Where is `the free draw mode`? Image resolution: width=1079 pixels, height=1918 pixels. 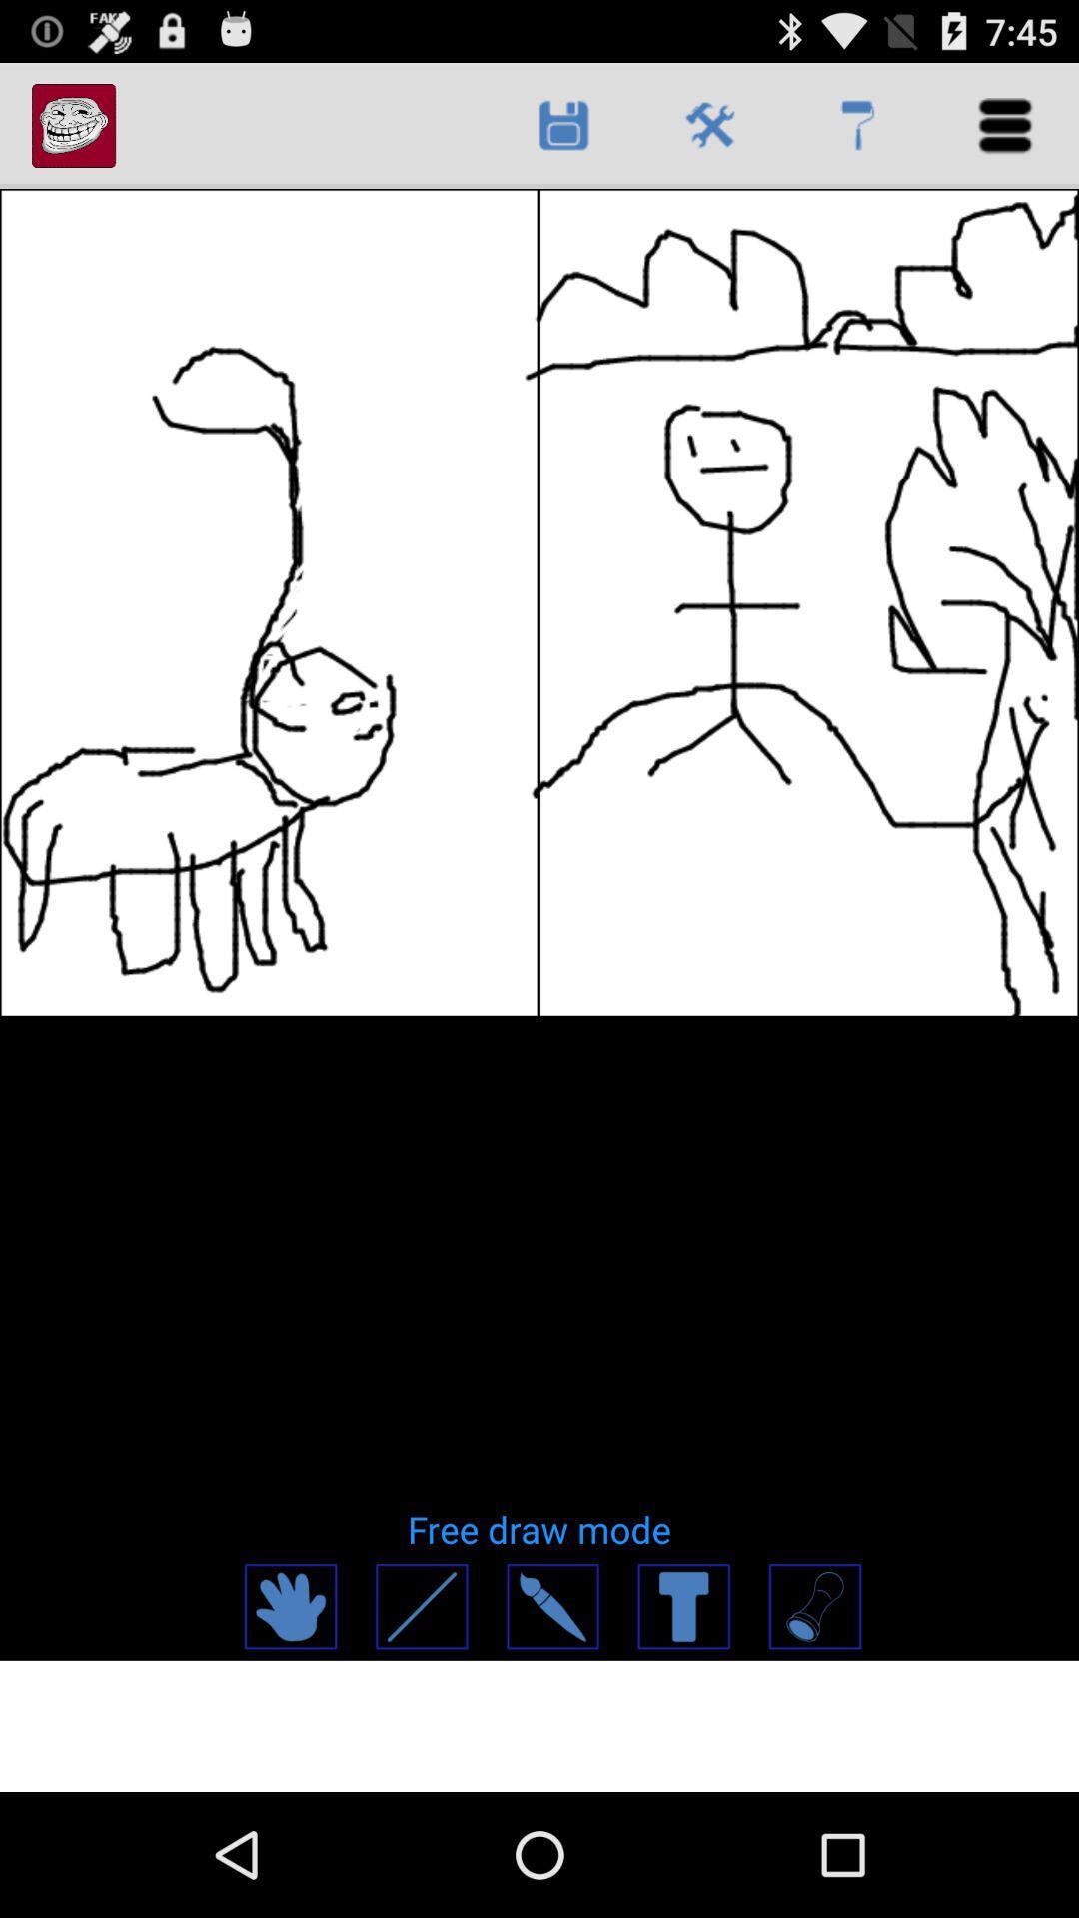 the free draw mode is located at coordinates (539, 1528).